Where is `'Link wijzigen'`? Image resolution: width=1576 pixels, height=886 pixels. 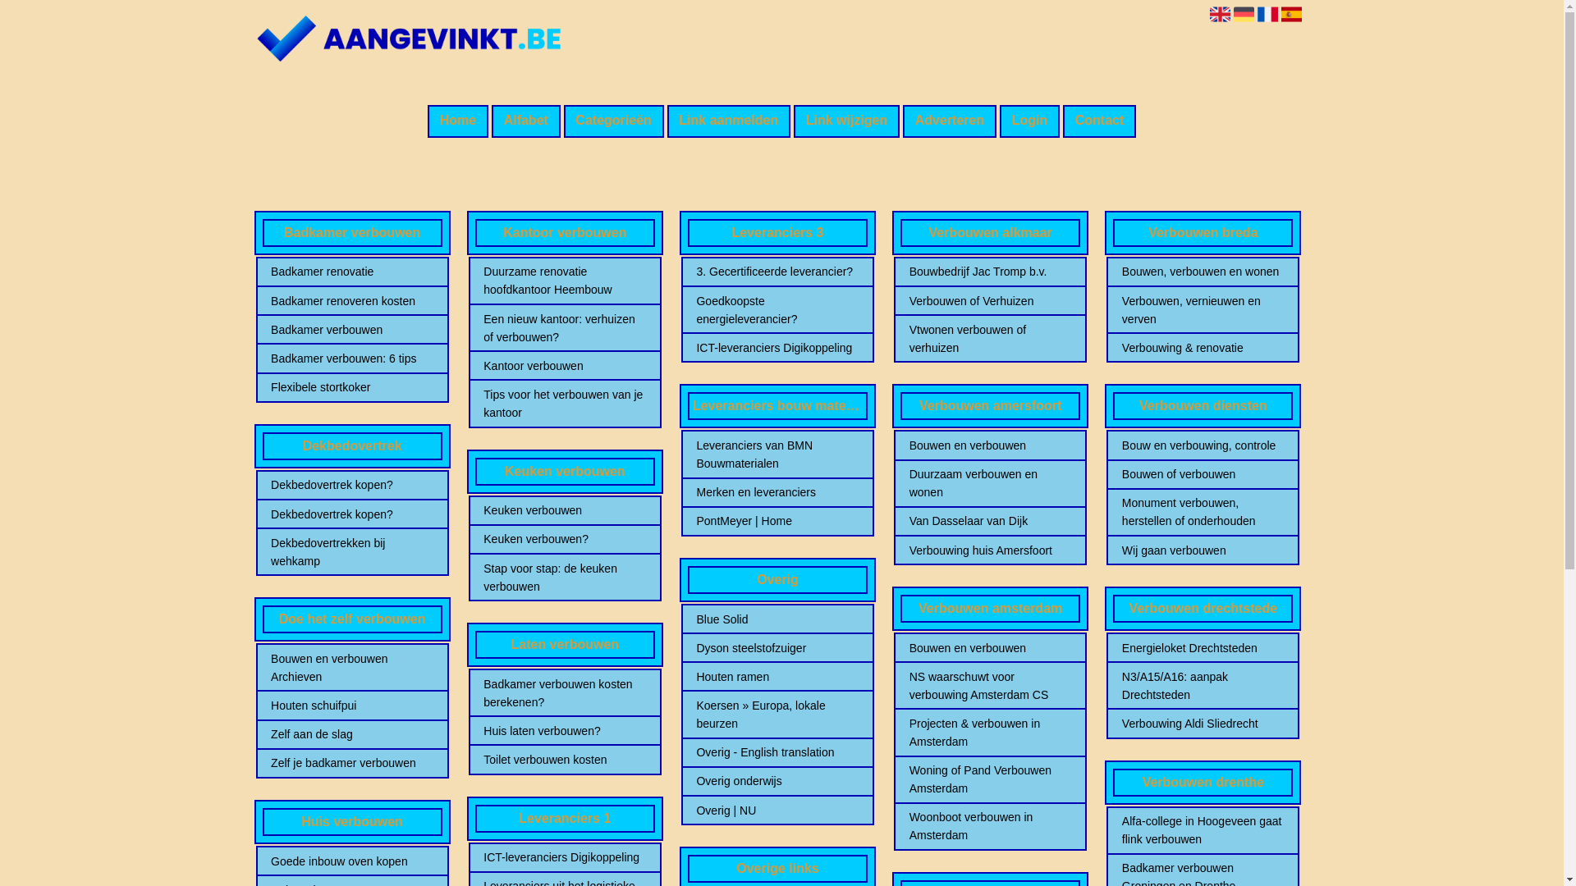
'Link wijzigen' is located at coordinates (846, 120).